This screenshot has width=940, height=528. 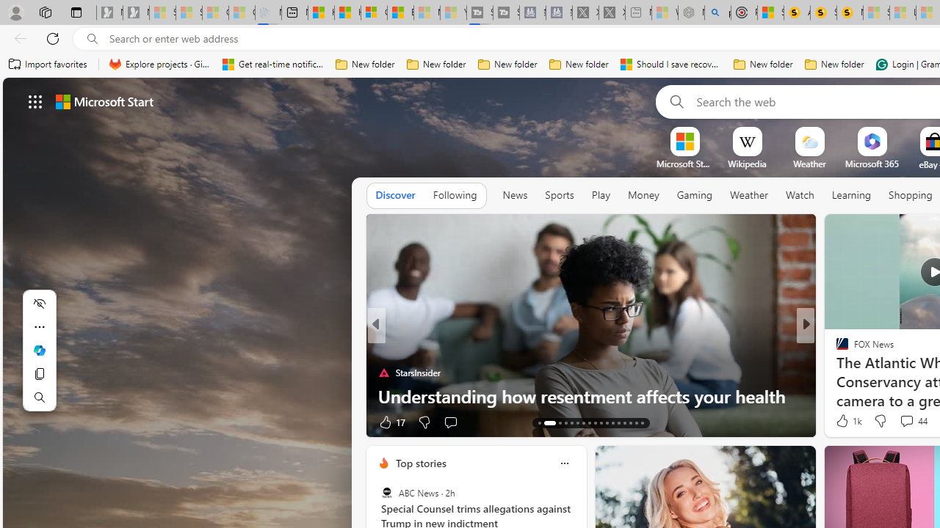 I want to click on 'AutomationID: tab-18', so click(x=576, y=423).